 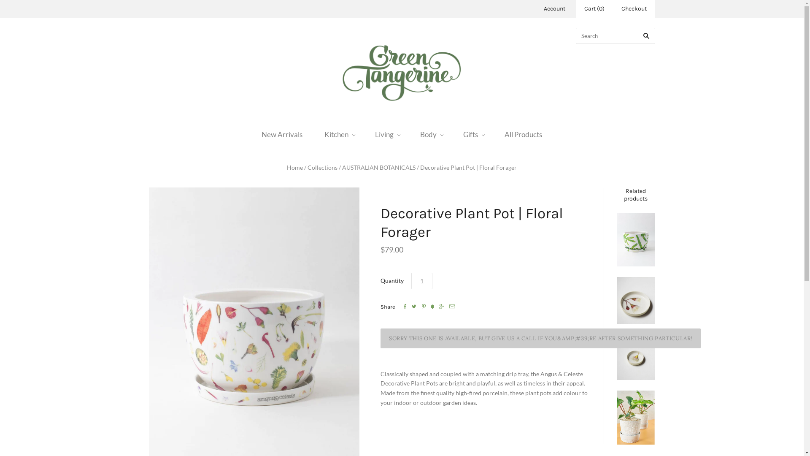 What do you see at coordinates (554, 8) in the screenshot?
I see `'Account'` at bounding box center [554, 8].